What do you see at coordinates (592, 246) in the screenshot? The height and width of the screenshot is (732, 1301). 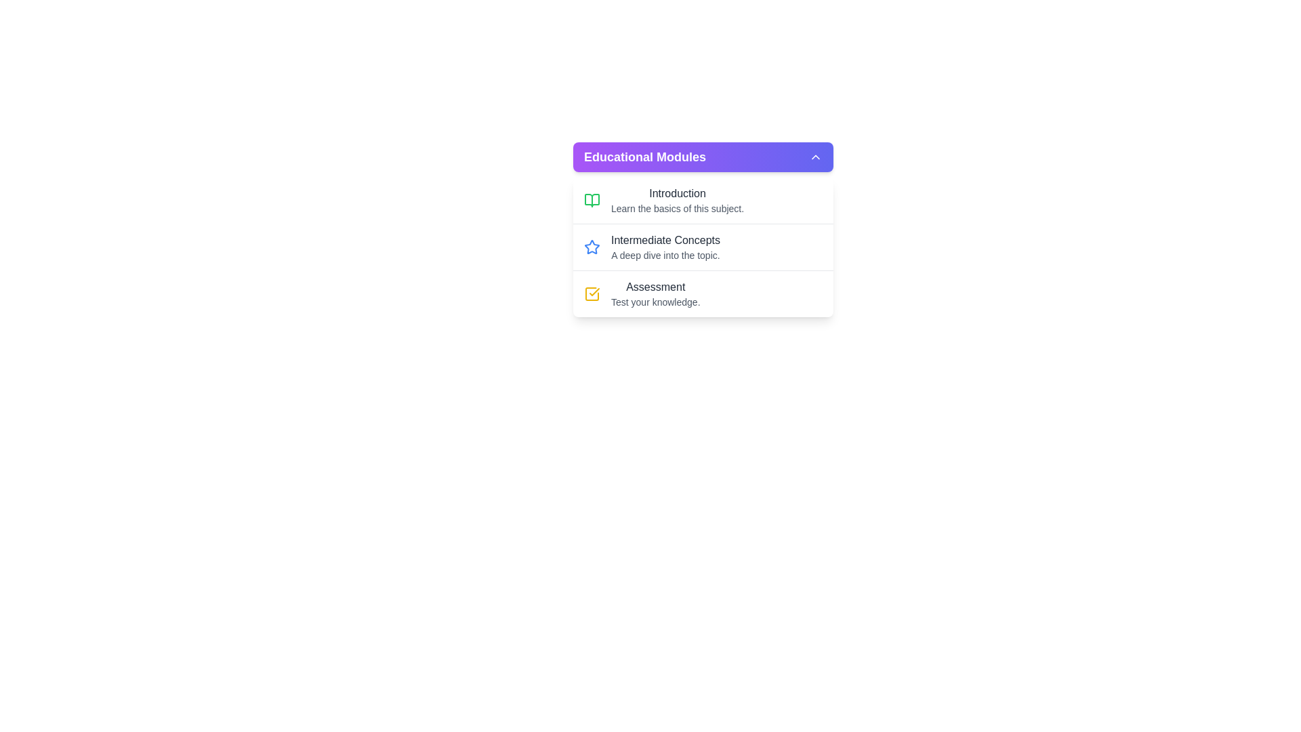 I see `the blue SVG icon representing 'Intermediate Concepts' in the educational module list` at bounding box center [592, 246].